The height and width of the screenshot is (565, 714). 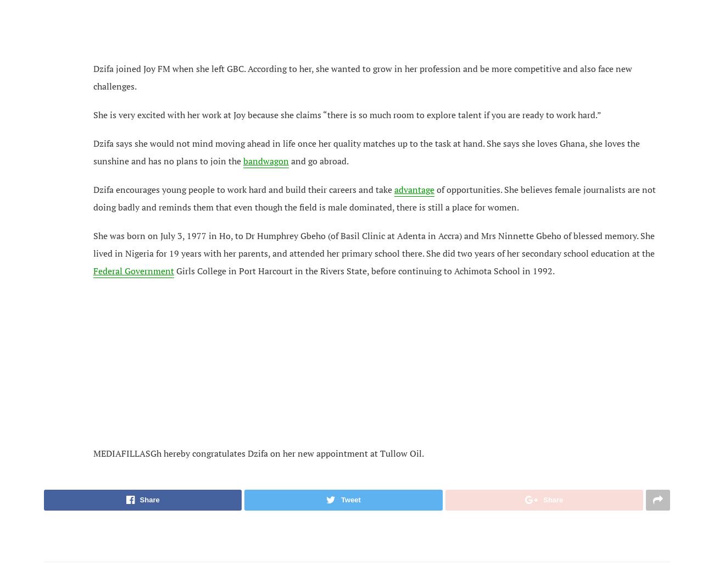 What do you see at coordinates (243, 188) in the screenshot?
I see `'Dzifa encourages young people to work hard and build their careers and take'` at bounding box center [243, 188].